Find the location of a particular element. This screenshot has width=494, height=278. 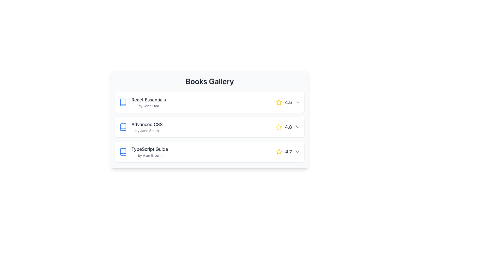

the star-shaped SVG icon representing the rating for 'TypeScript Guide', located adjacent to the rating text '4.7' is located at coordinates (279, 151).